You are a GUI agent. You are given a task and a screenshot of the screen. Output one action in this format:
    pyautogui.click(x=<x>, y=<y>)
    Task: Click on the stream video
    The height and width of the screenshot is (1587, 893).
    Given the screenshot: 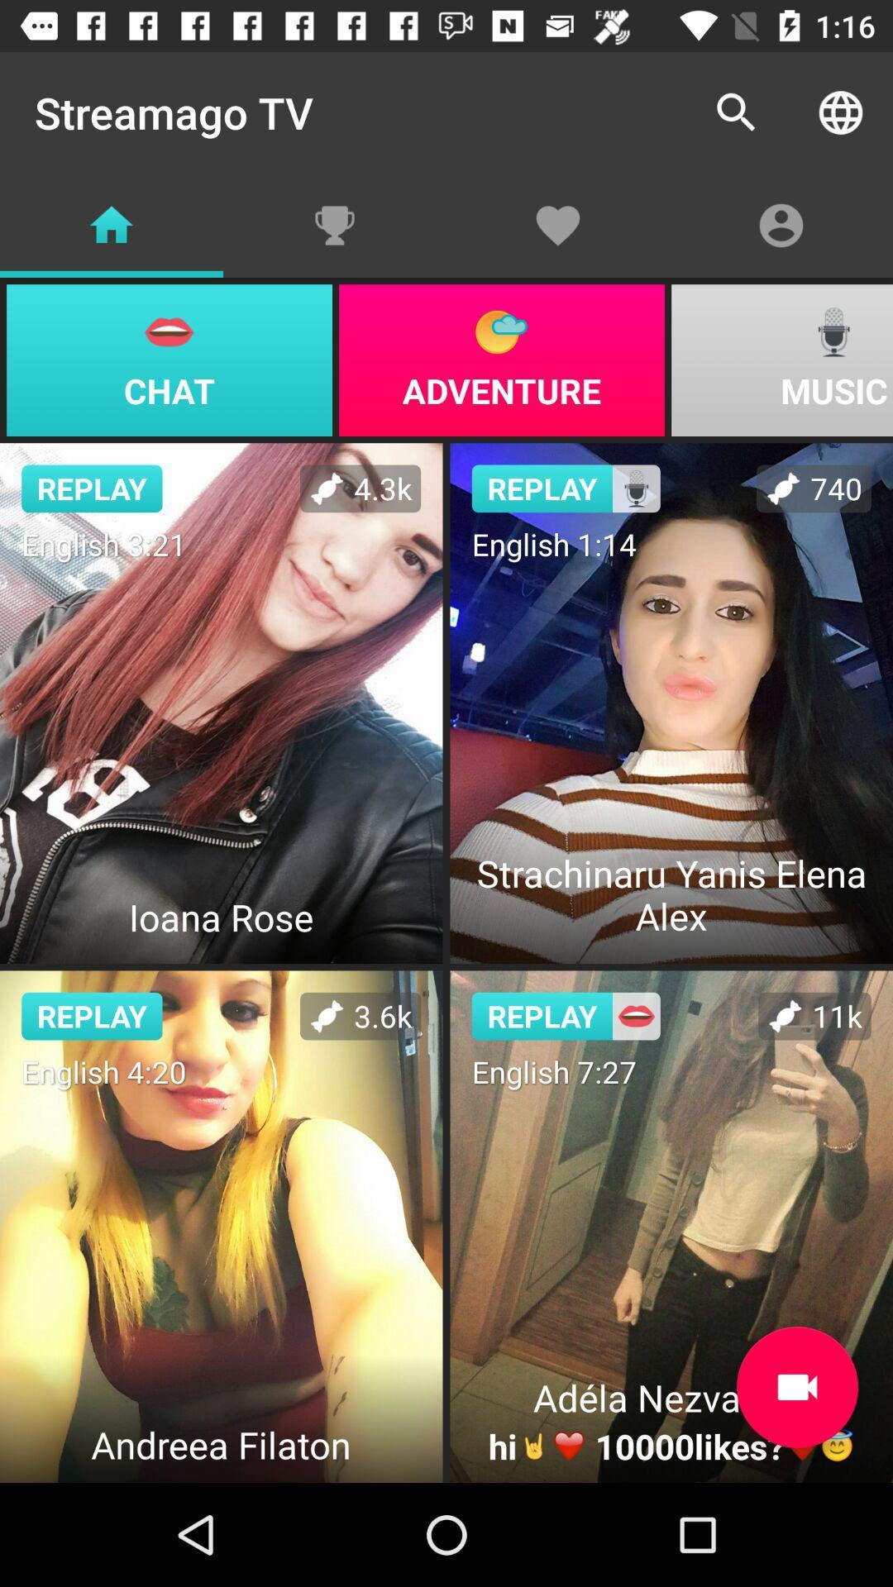 What is the action you would take?
    pyautogui.click(x=796, y=1387)
    